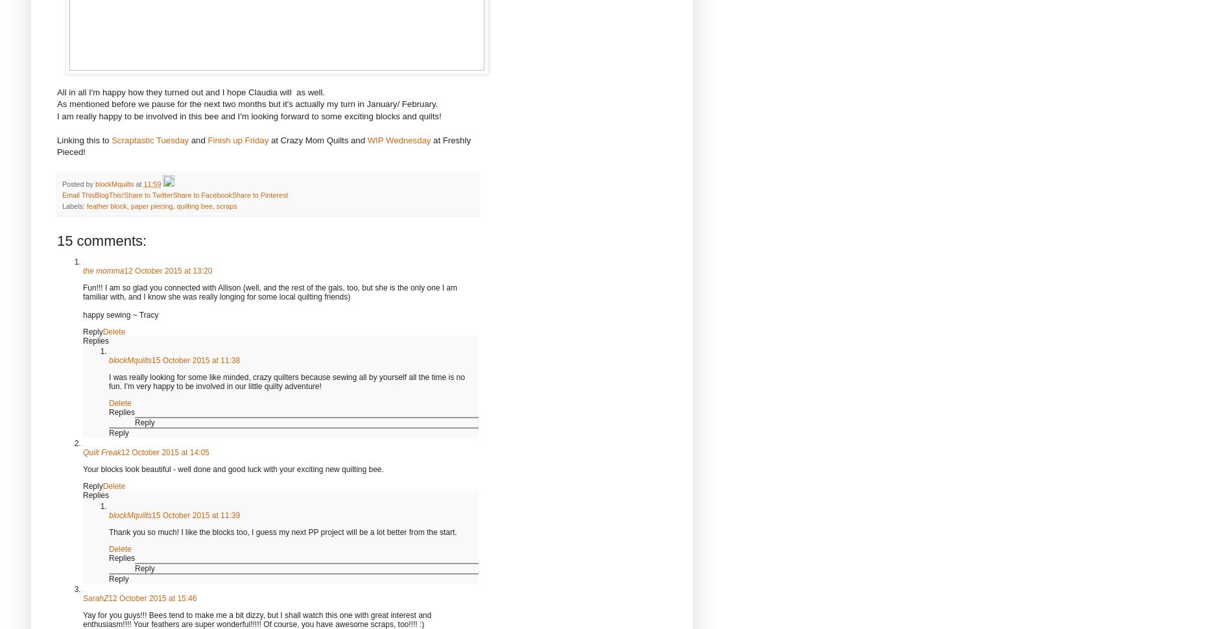 This screenshot has width=1231, height=629. Describe the element at coordinates (193, 206) in the screenshot. I see `'quilting bee'` at that location.